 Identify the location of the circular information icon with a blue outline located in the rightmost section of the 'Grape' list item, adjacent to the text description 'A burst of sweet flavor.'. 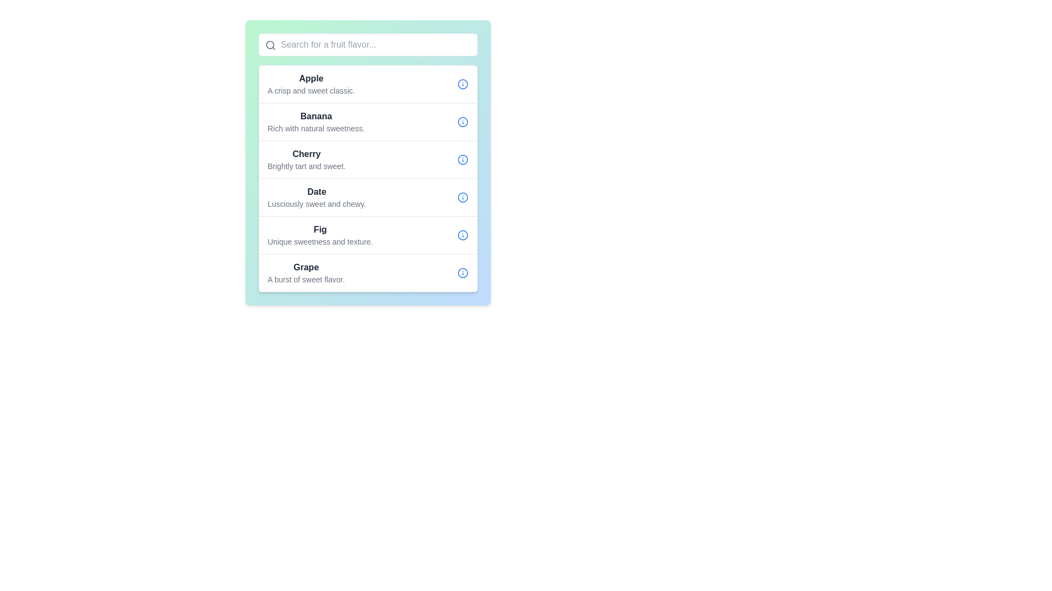
(462, 272).